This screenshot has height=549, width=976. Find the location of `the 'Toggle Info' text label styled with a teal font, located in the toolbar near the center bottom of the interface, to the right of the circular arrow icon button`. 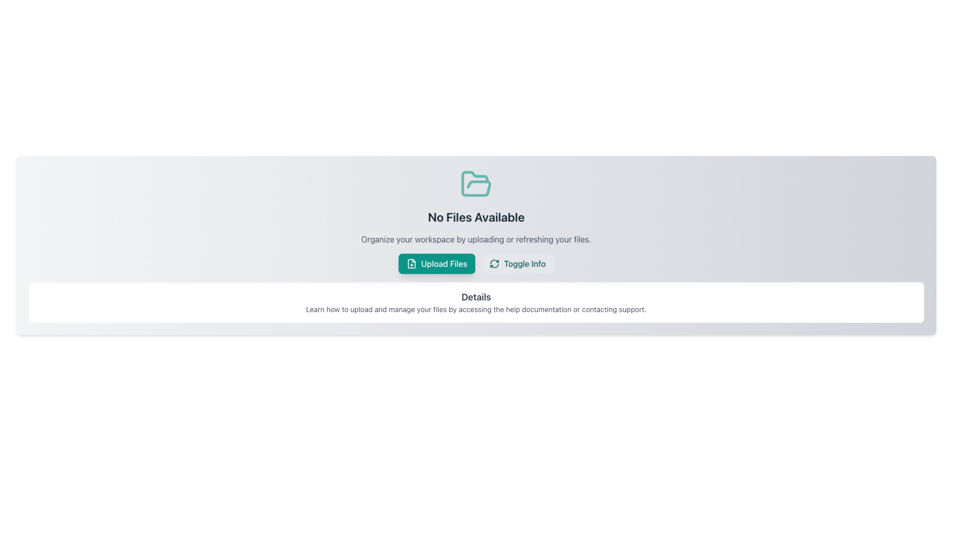

the 'Toggle Info' text label styled with a teal font, located in the toolbar near the center bottom of the interface, to the right of the circular arrow icon button is located at coordinates (525, 263).